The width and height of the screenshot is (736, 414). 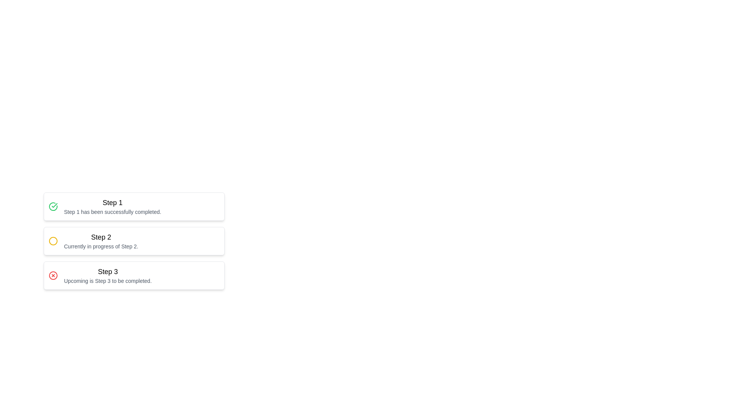 I want to click on the circular graphical element with a yellow outline within the SVG structure, located to the left of the 'Step 2' label in the step indicator component, so click(x=53, y=240).